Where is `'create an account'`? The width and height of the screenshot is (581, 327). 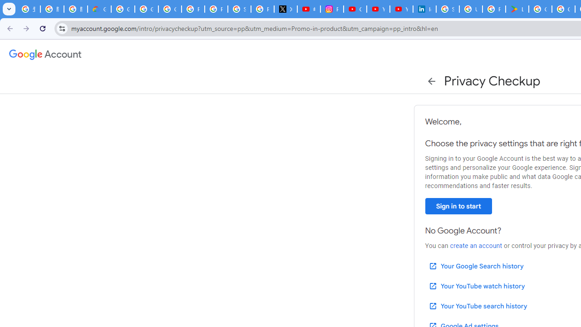
'create an account' is located at coordinates (475, 246).